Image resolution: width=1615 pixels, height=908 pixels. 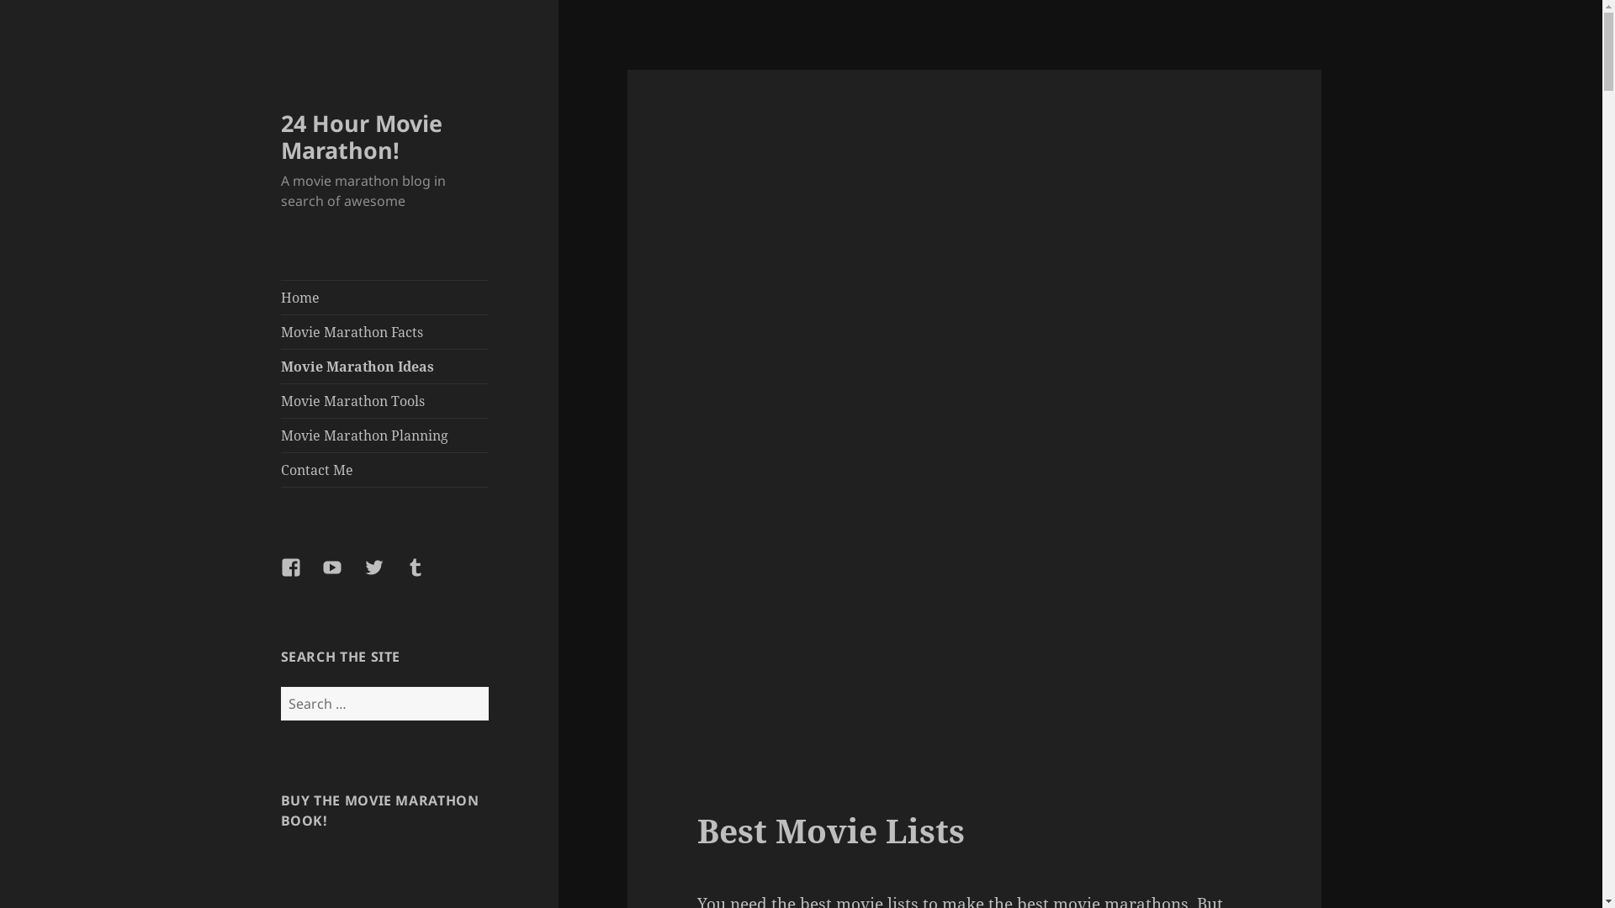 What do you see at coordinates (342, 576) in the screenshot?
I see `'YouTube'` at bounding box center [342, 576].